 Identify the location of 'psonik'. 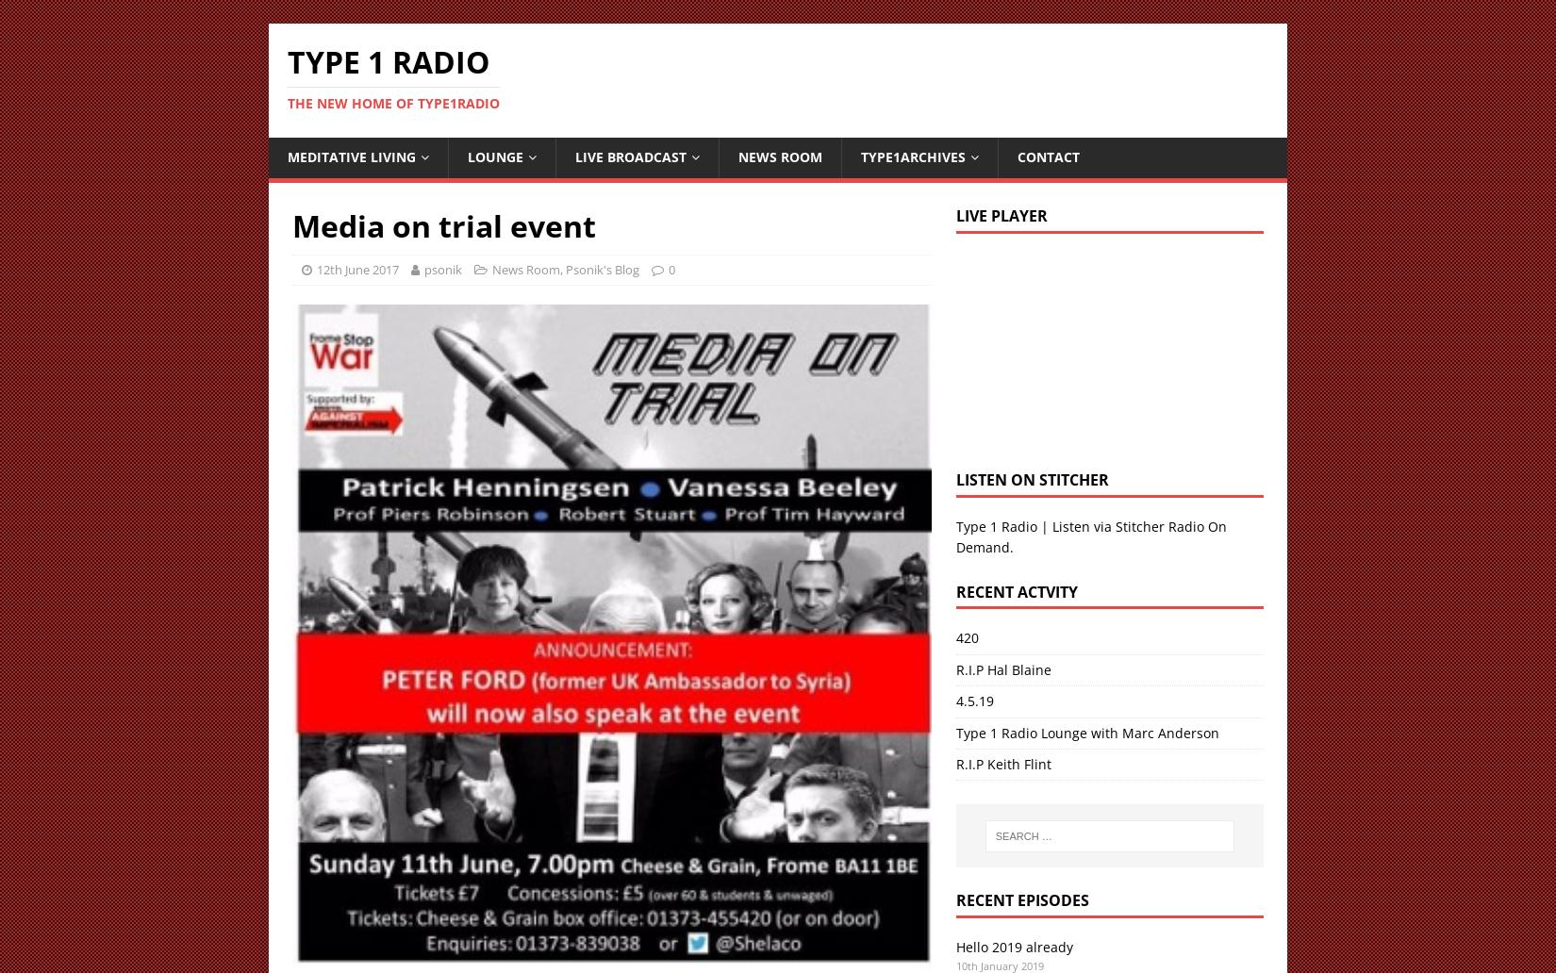
(441, 269).